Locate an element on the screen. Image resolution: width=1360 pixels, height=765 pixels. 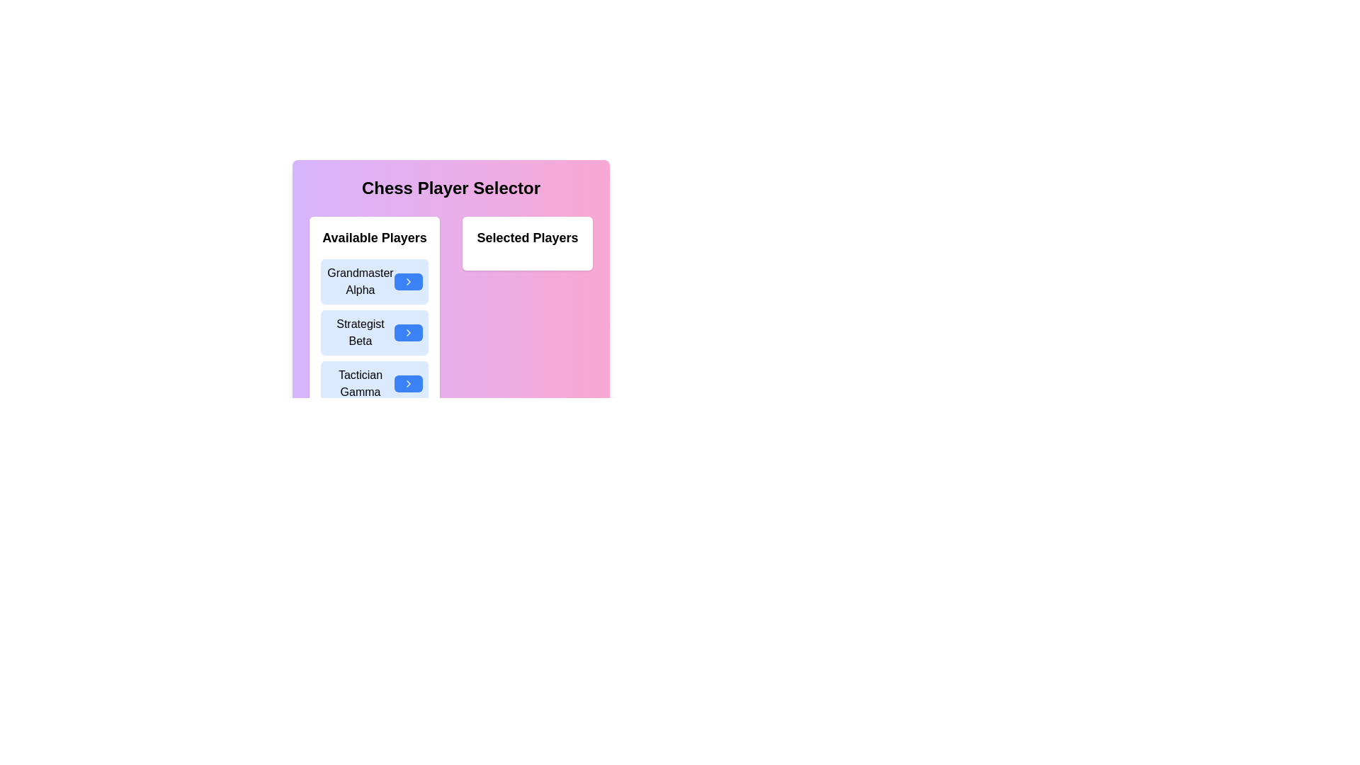
button next to Grandmaster Alpha to select the player is located at coordinates (407, 281).